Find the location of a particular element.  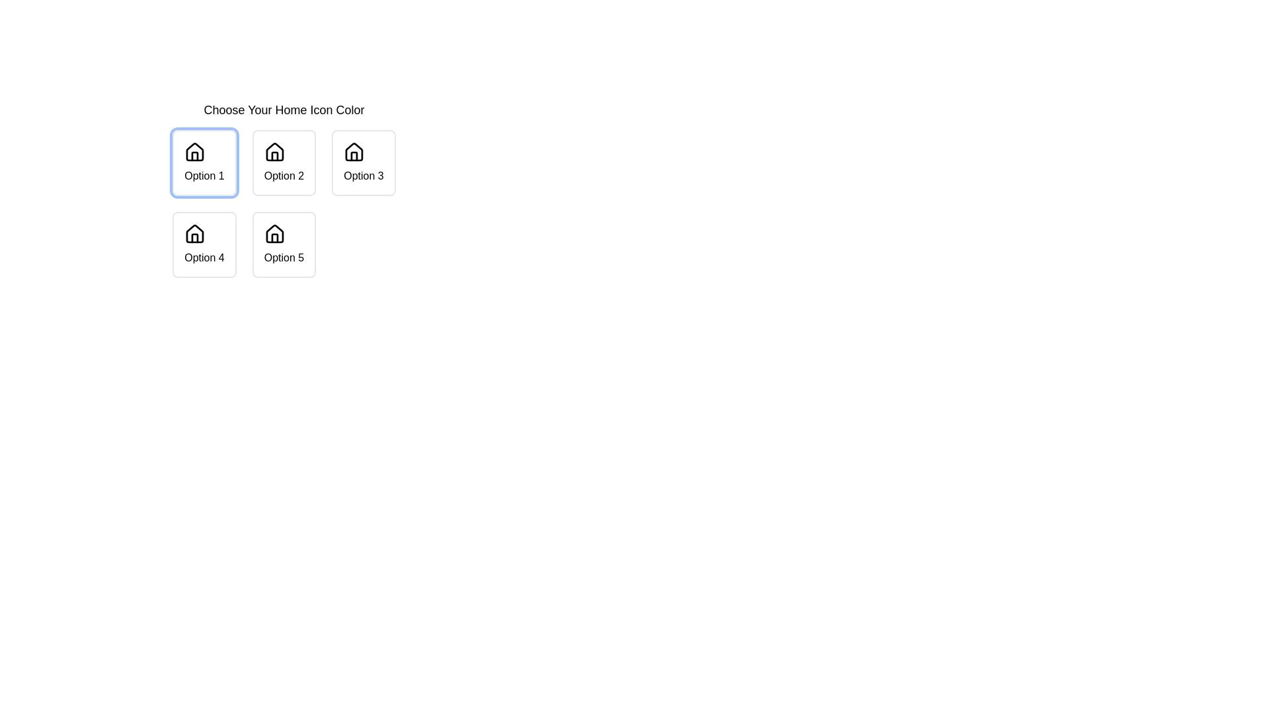

the 'Option 3' icon, which represents a house-related theme in the selection interface, located in the grid layout above the text 'Option 3' is located at coordinates (354, 152).